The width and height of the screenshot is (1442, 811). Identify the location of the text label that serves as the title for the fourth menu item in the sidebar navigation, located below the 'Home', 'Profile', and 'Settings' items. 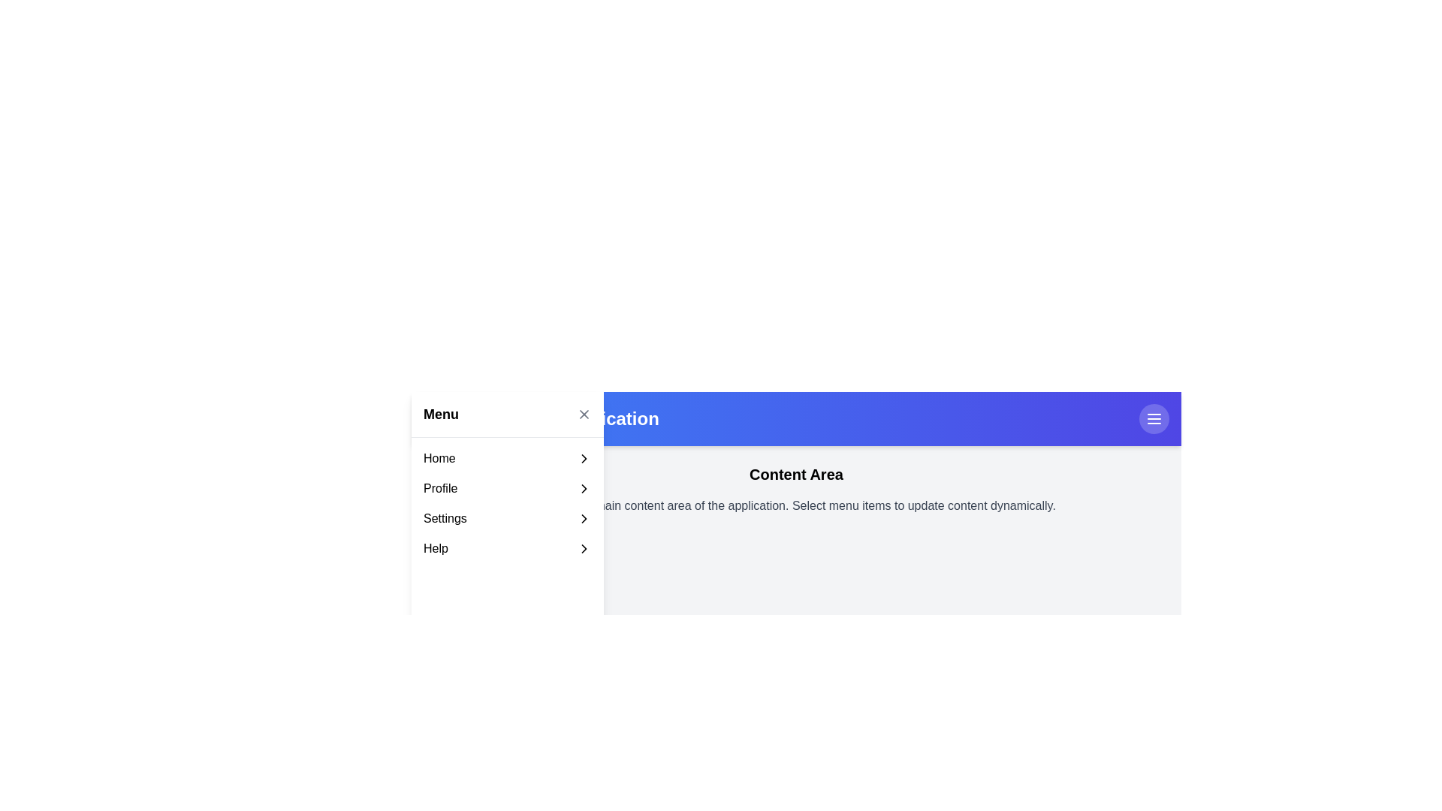
(435, 549).